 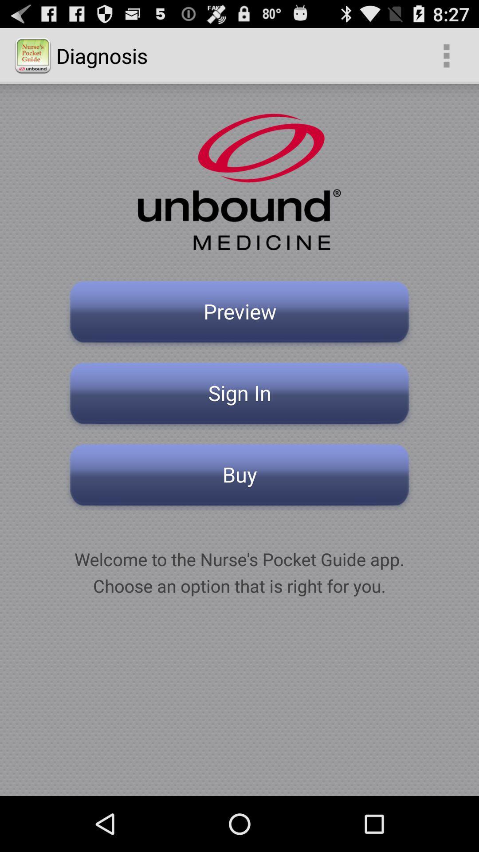 What do you see at coordinates (446, 55) in the screenshot?
I see `the icon to the right of the diagnosis item` at bounding box center [446, 55].